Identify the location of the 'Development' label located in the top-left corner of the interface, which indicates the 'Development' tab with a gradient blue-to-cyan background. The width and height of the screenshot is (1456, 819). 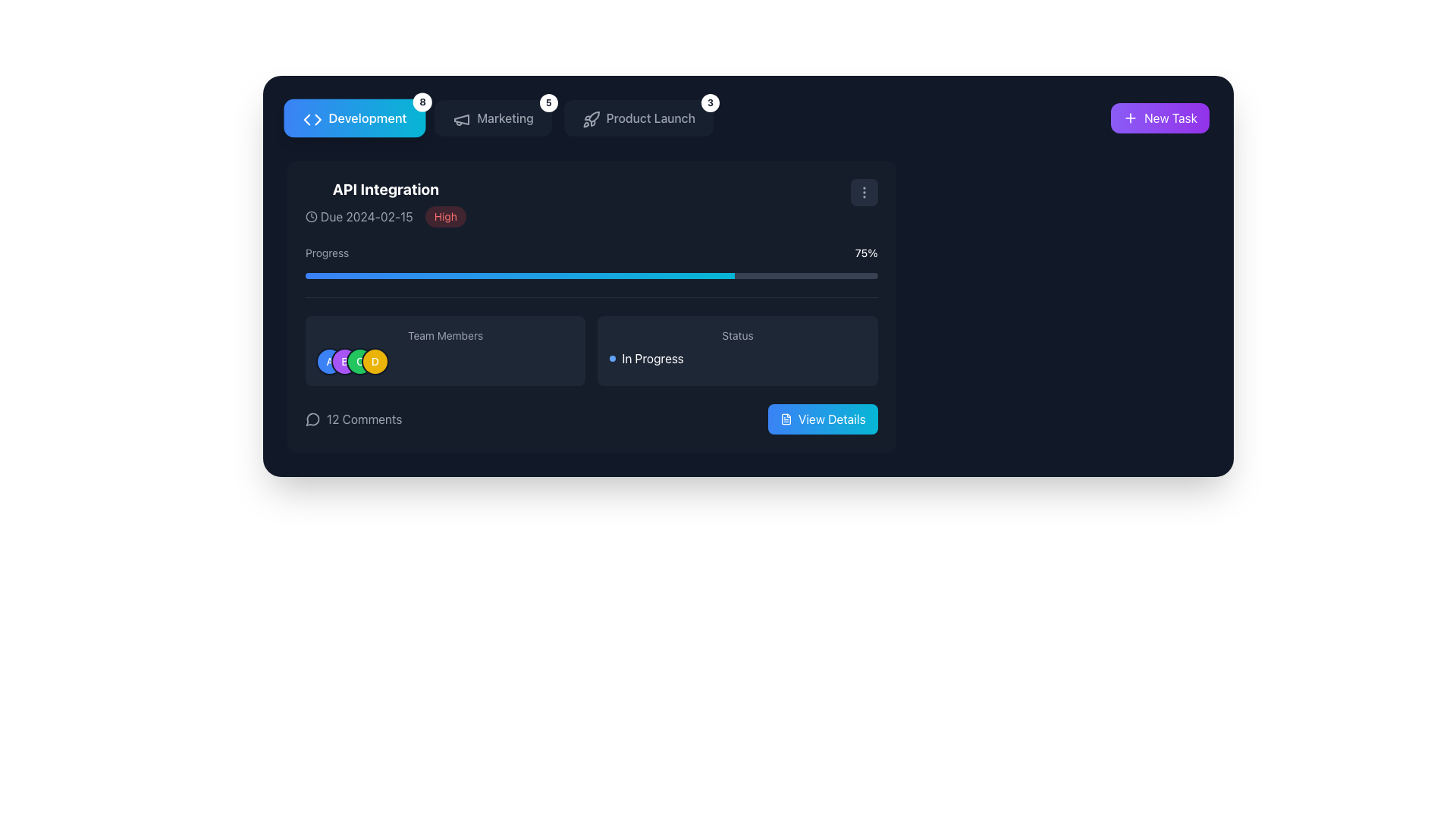
(367, 117).